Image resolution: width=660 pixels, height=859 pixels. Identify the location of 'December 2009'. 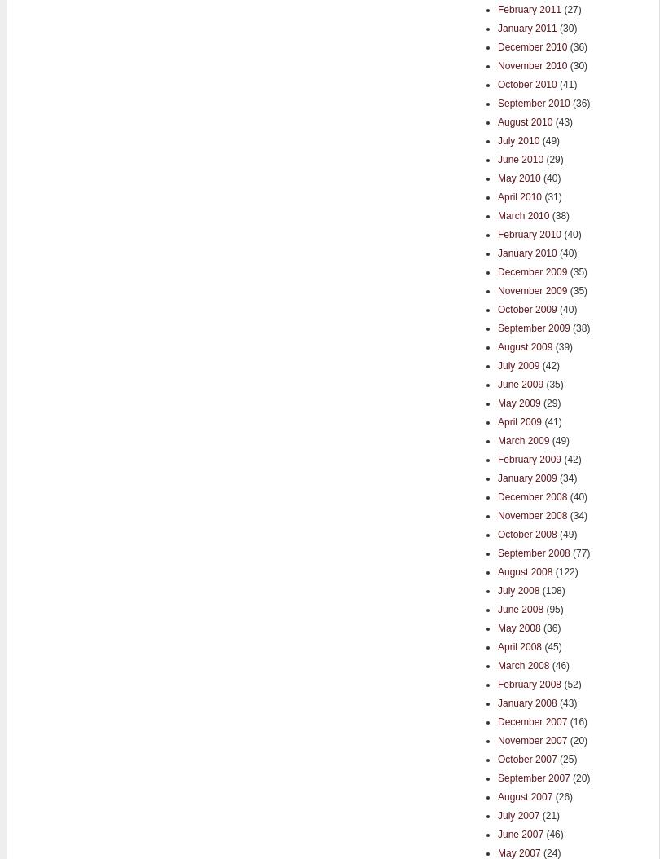
(531, 271).